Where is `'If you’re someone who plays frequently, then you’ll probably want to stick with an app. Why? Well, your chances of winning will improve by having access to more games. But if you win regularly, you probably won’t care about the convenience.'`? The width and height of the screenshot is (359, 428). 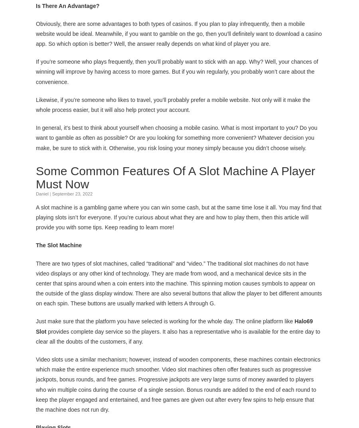
'If you’re someone who plays frequently, then you’ll probably want to stick with an app. Why? Well, your chances of winning will improve by having access to more games. But if you win regularly, you probably won’t care about the convenience.' is located at coordinates (177, 71).